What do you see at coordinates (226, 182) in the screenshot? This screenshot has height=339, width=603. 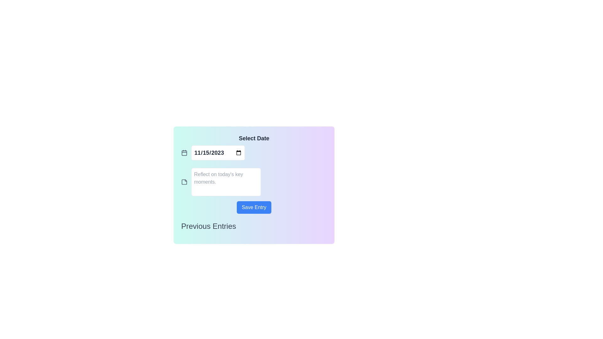 I see `the Textarea element designed for user input and editing of textual information` at bounding box center [226, 182].